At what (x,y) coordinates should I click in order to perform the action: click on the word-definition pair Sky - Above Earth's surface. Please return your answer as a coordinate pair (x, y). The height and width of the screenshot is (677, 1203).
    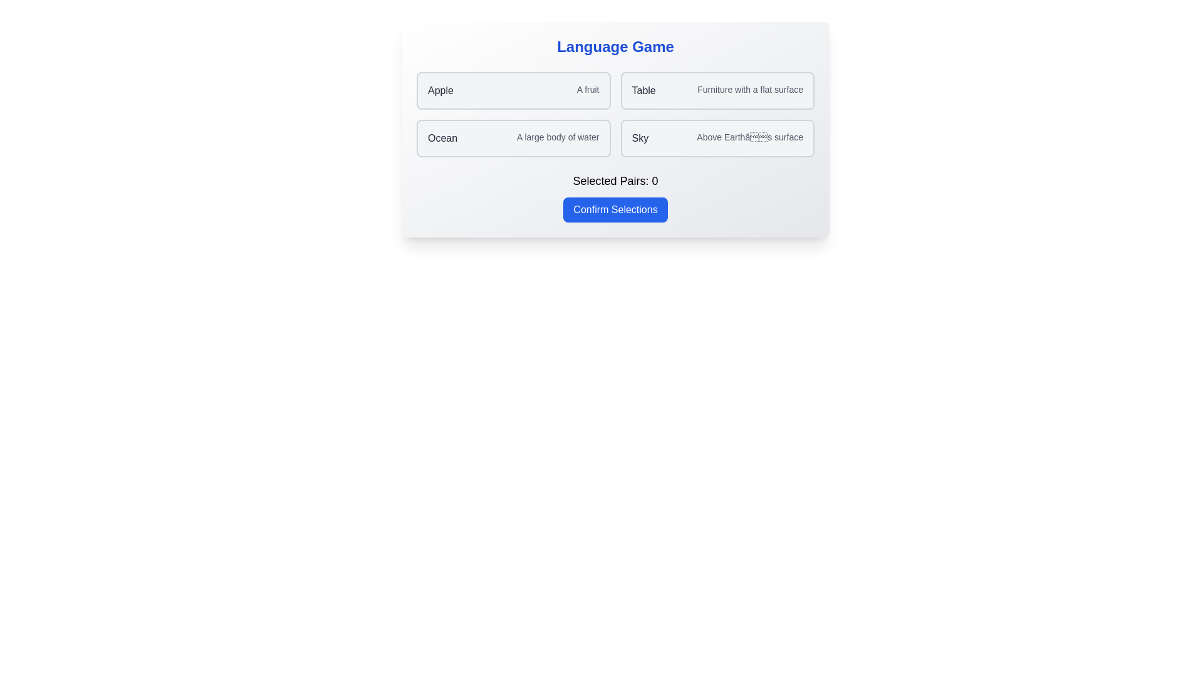
    Looking at the image, I should click on (717, 138).